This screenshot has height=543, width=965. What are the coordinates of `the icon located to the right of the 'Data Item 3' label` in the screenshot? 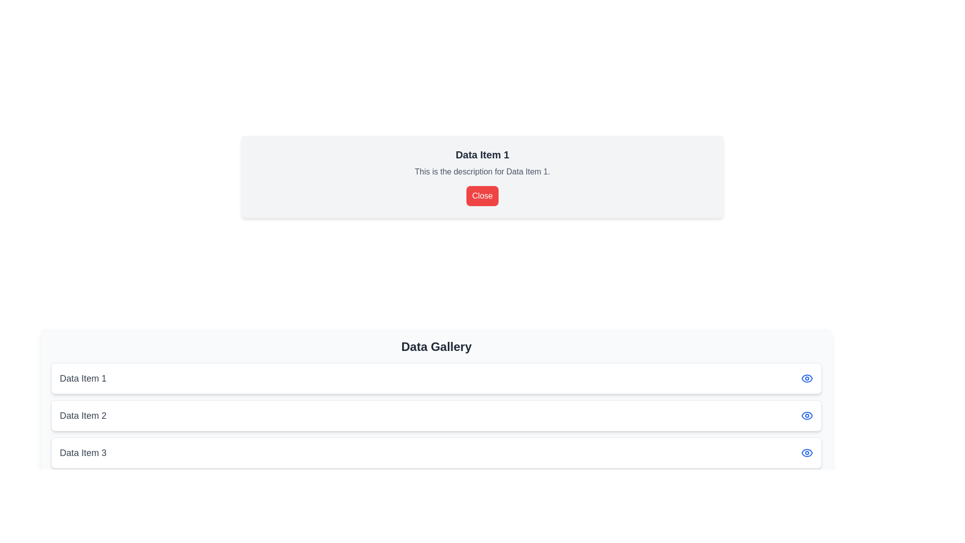 It's located at (807, 453).